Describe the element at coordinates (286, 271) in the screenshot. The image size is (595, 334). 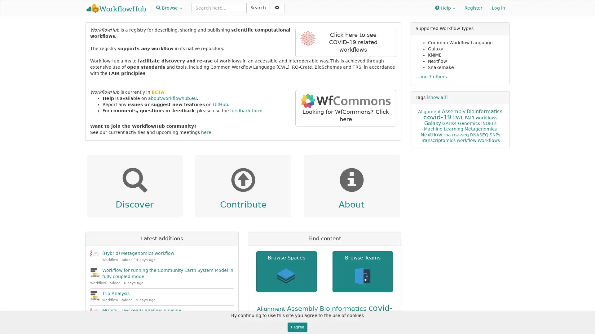
I see `Browse Spaces` at that location.